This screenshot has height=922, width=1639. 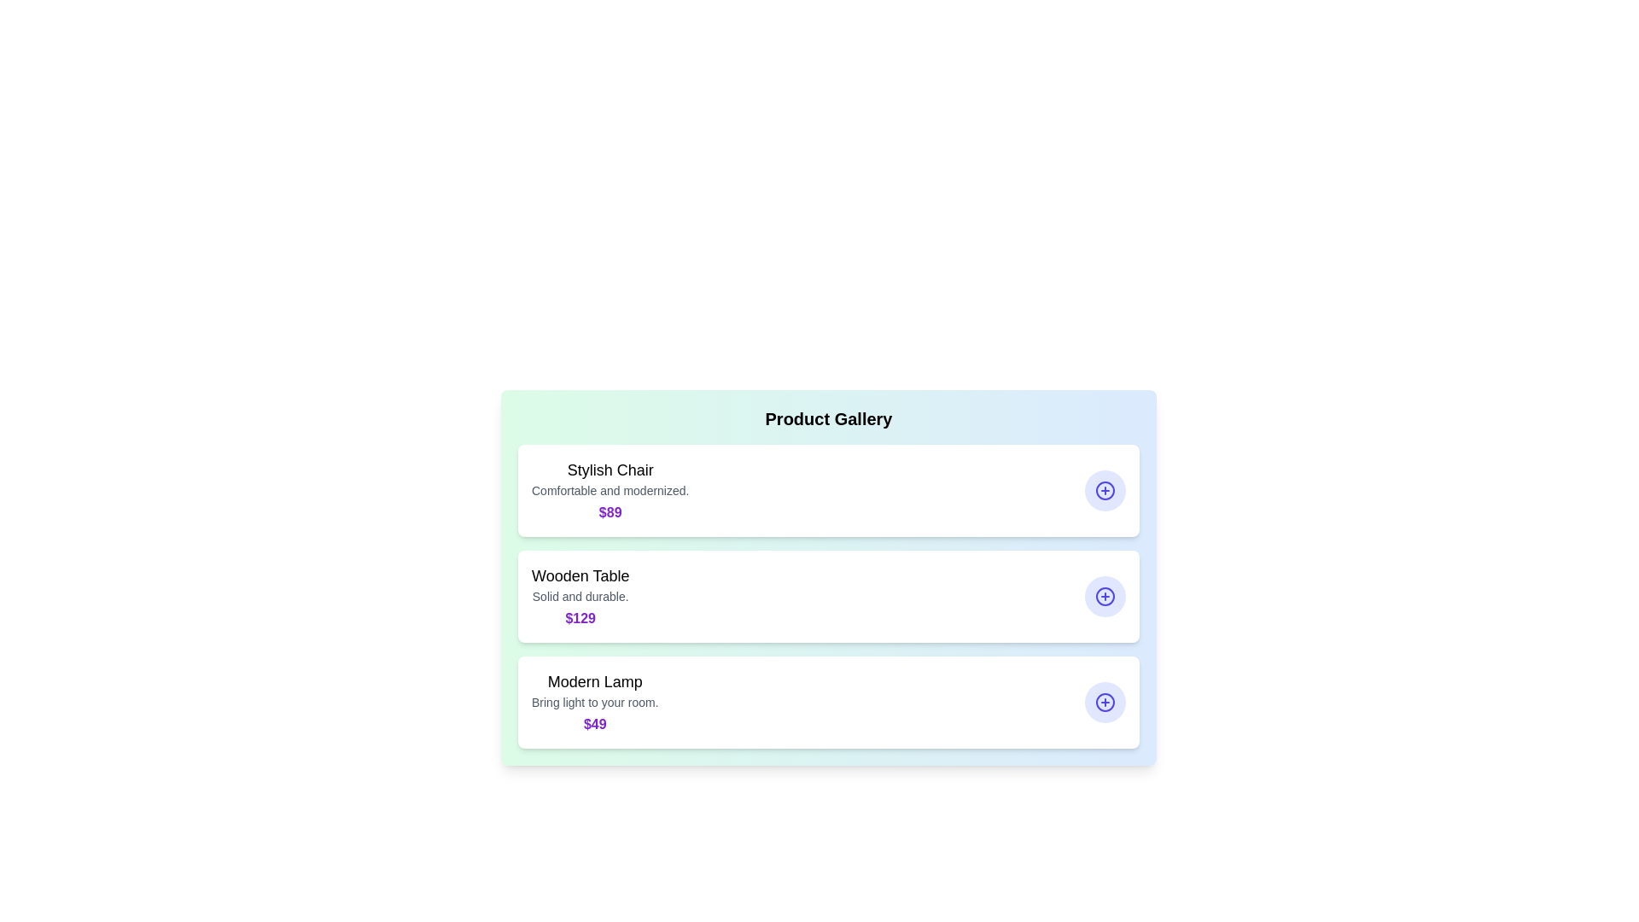 What do you see at coordinates (1105, 702) in the screenshot?
I see `add/select button for the product Modern Lamp` at bounding box center [1105, 702].